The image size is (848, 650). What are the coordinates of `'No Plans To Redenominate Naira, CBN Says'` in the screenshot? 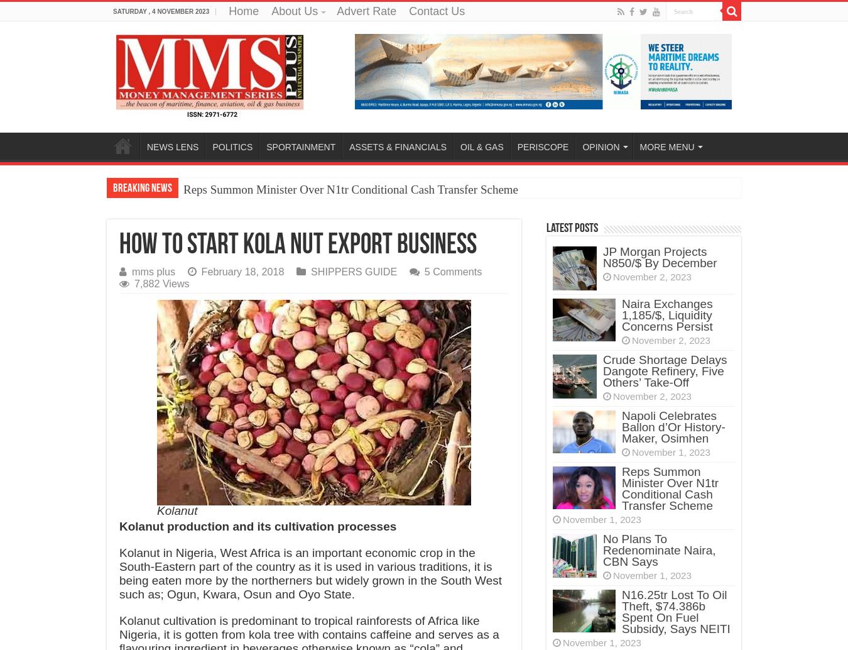 It's located at (659, 549).